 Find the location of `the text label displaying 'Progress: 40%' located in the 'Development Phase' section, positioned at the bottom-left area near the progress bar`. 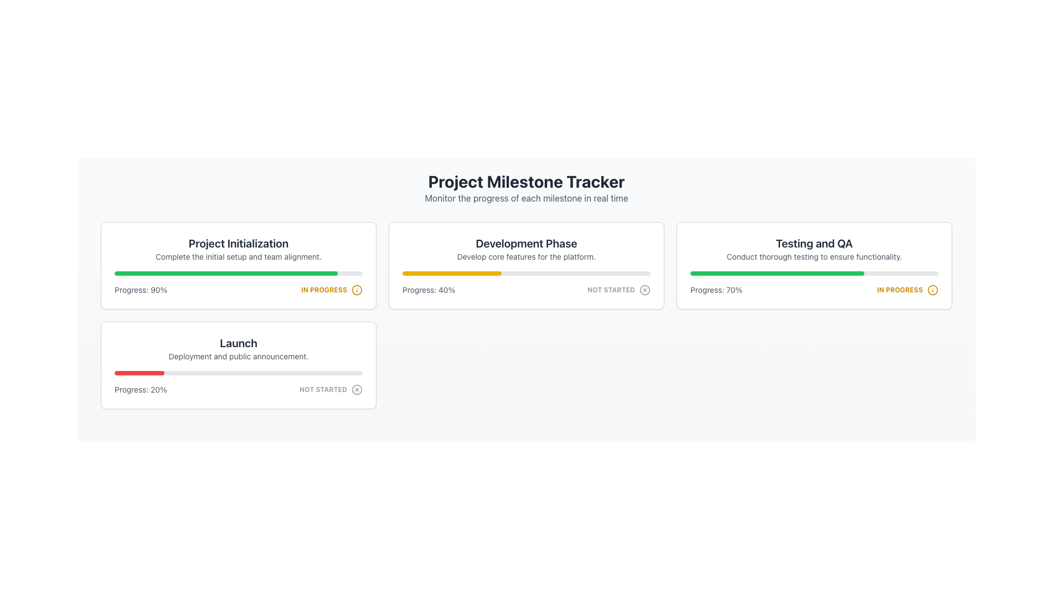

the text label displaying 'Progress: 40%' located in the 'Development Phase' section, positioned at the bottom-left area near the progress bar is located at coordinates (428, 290).